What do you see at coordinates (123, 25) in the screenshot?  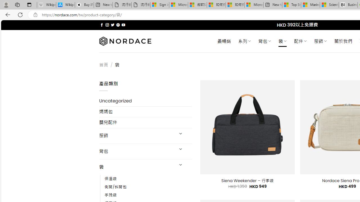 I see `'Follow on YouTube'` at bounding box center [123, 25].